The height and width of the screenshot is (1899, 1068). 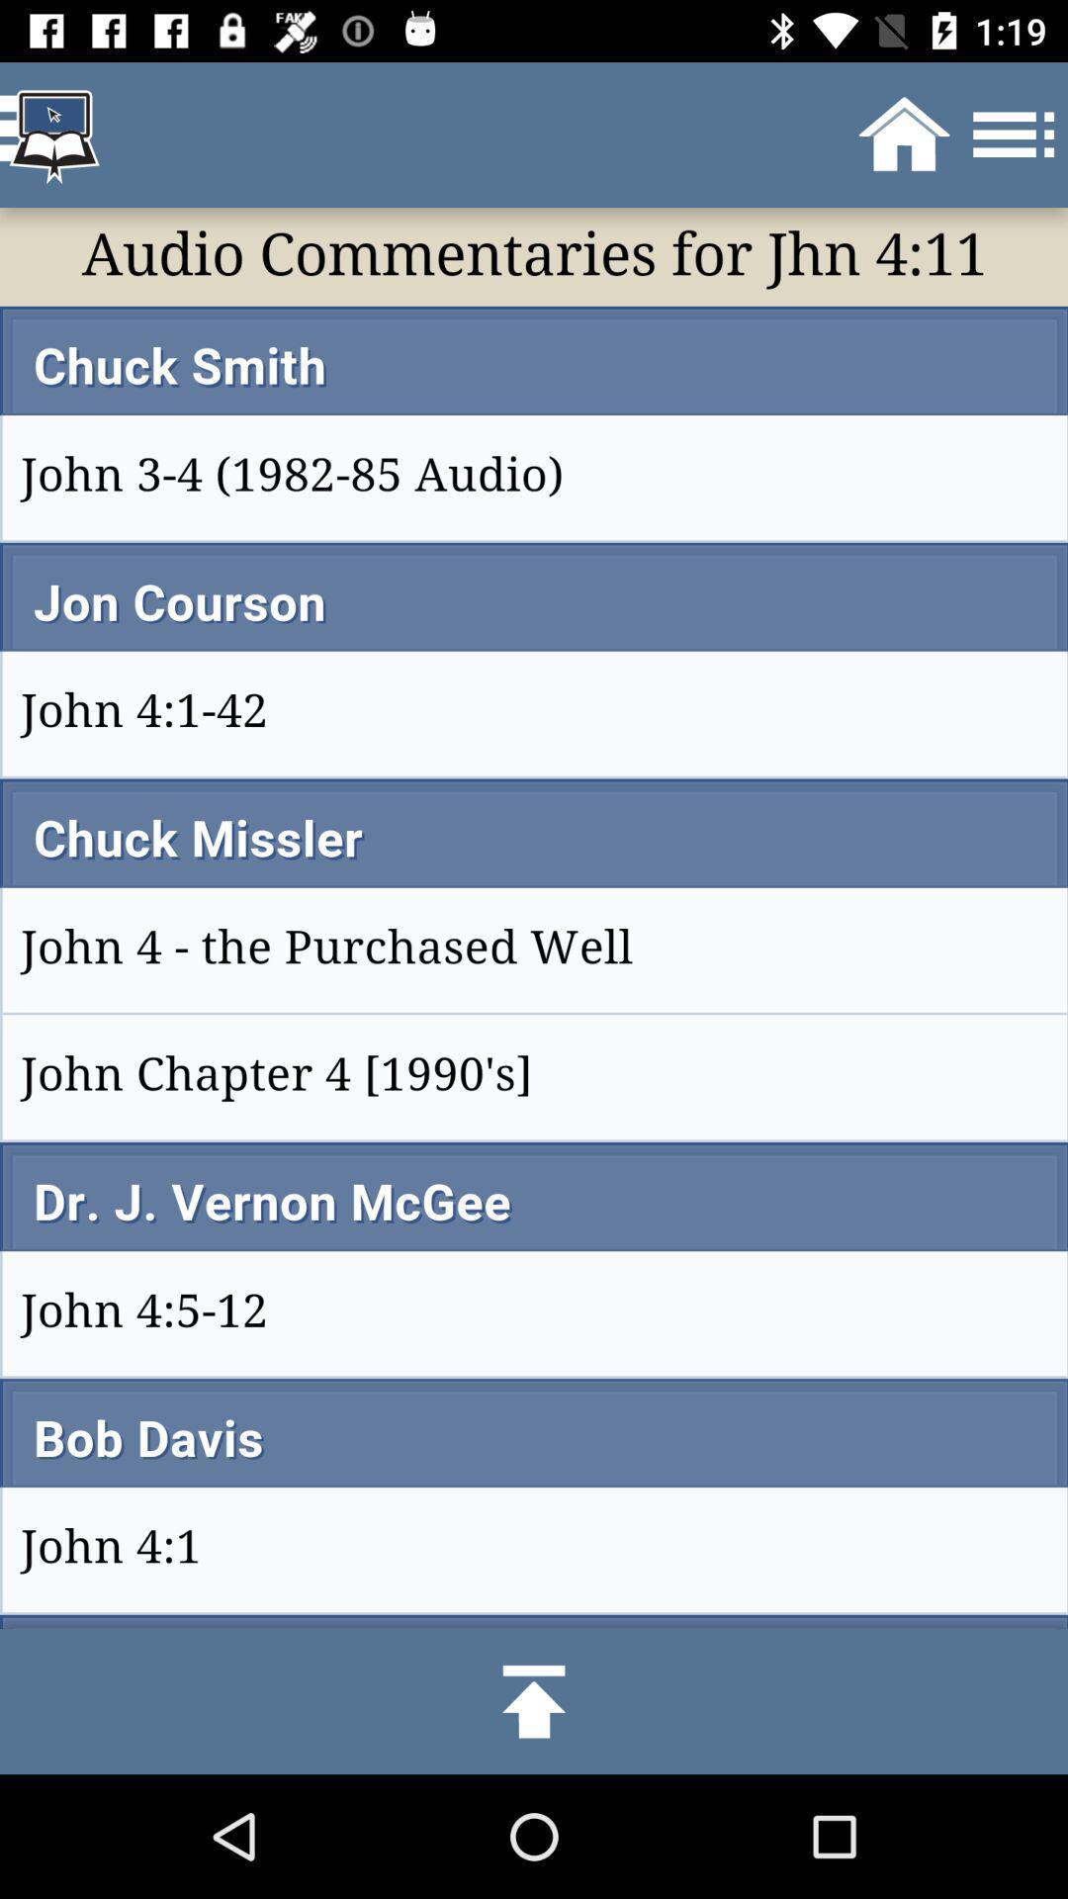 What do you see at coordinates (534, 917) in the screenshot?
I see `all page` at bounding box center [534, 917].